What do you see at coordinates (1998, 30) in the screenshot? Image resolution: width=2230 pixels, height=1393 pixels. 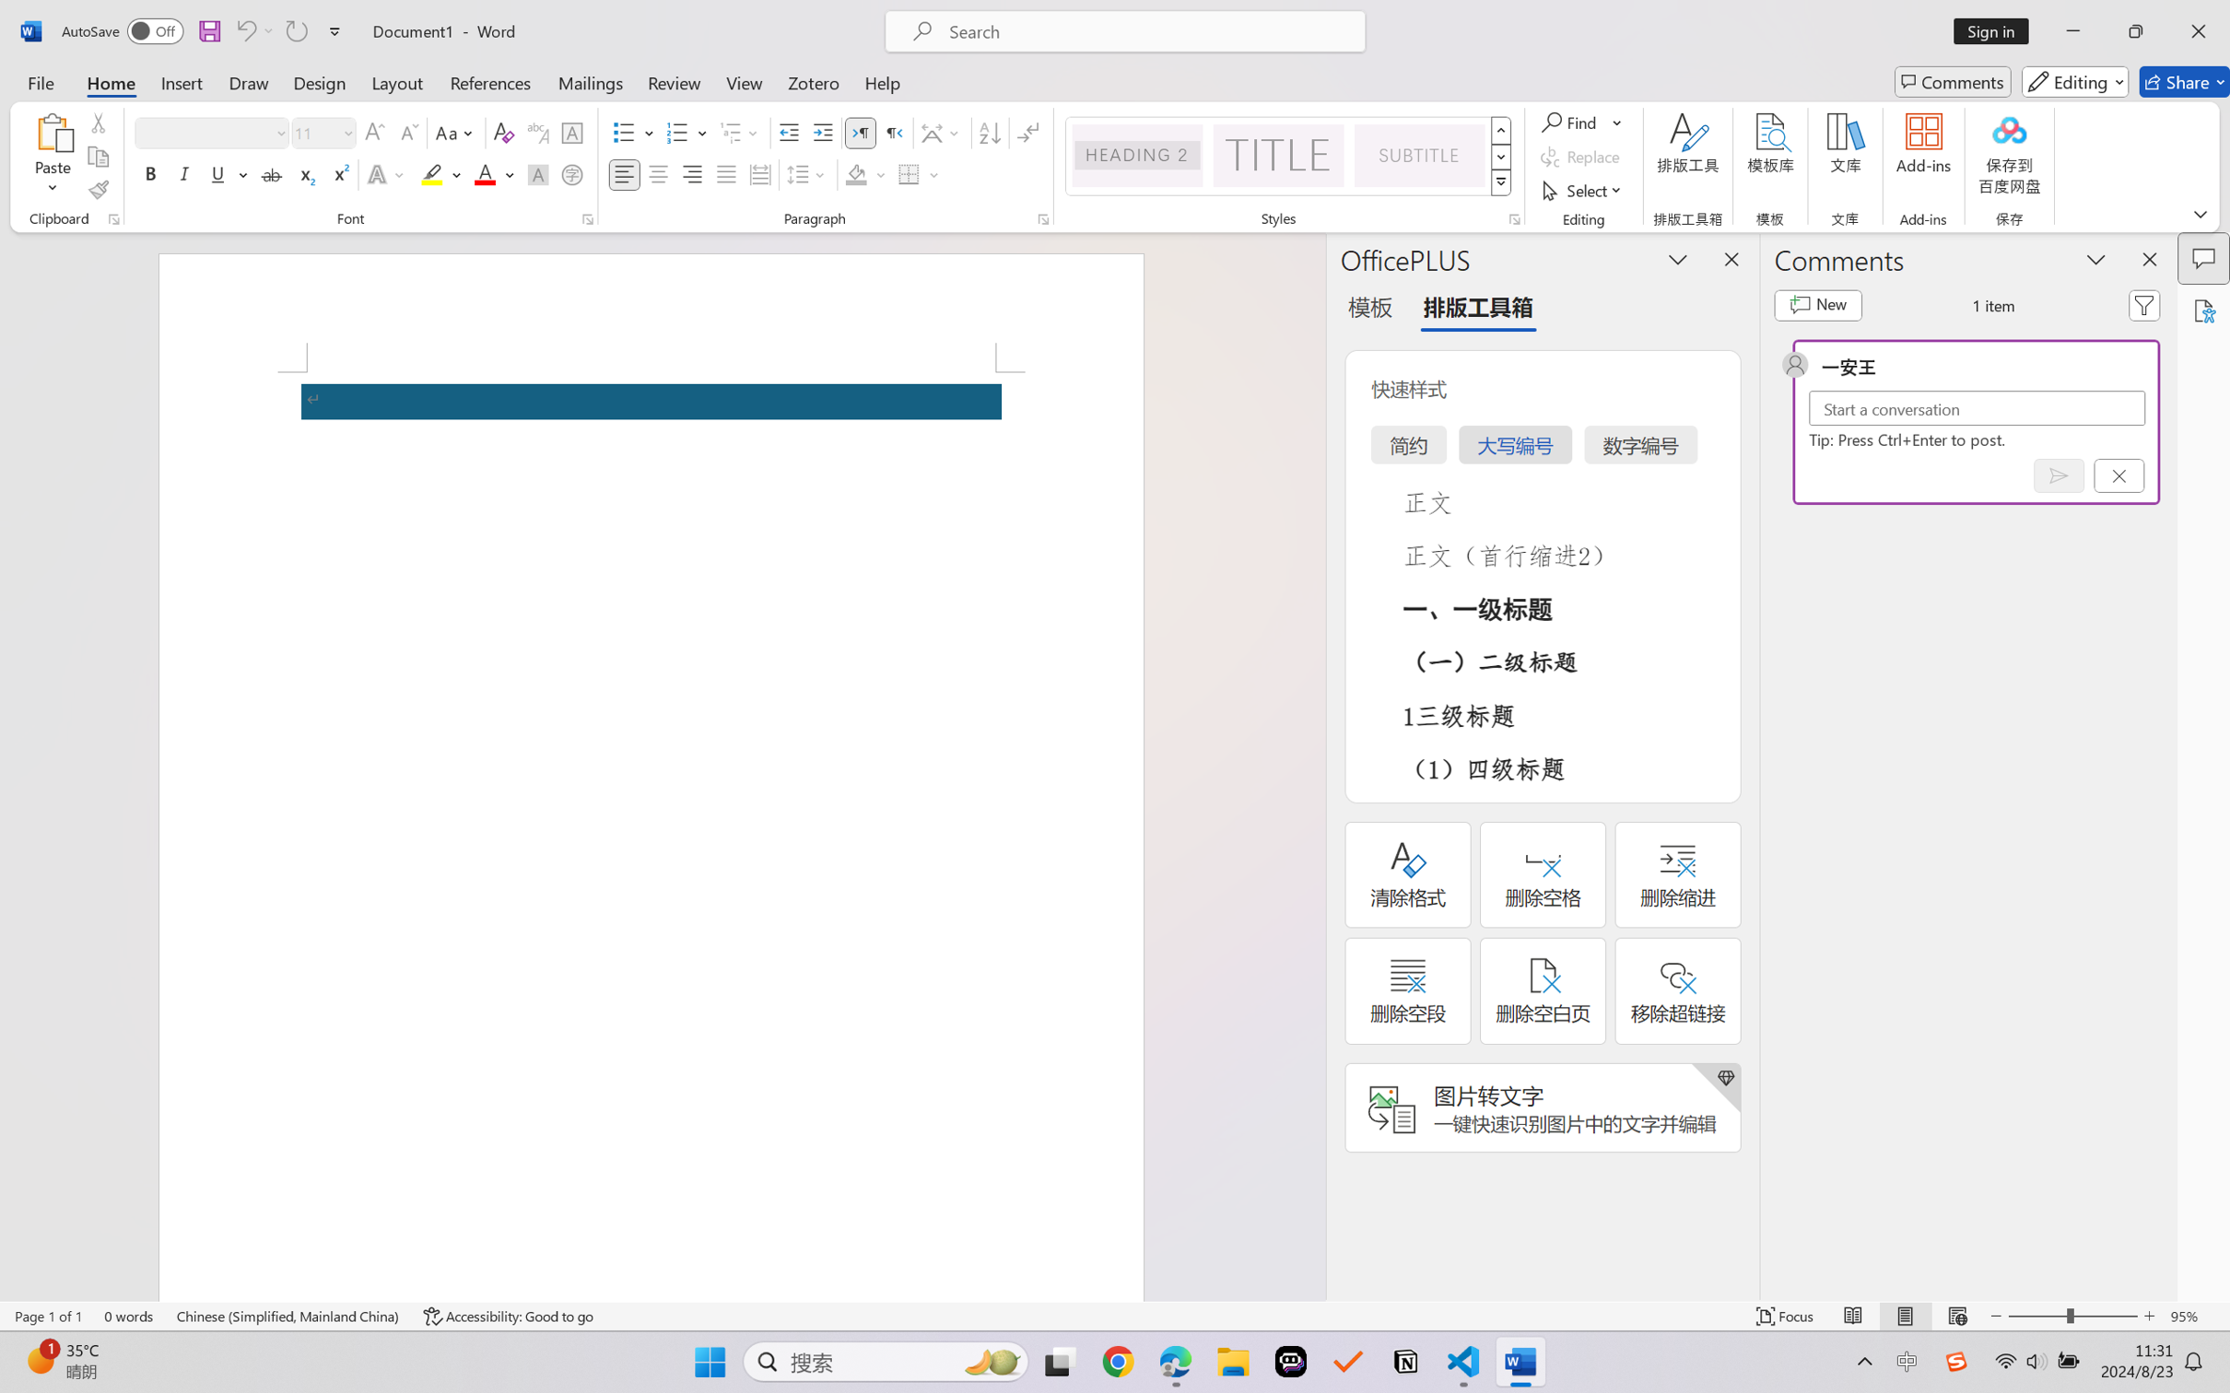 I see `'Sign in'` at bounding box center [1998, 30].